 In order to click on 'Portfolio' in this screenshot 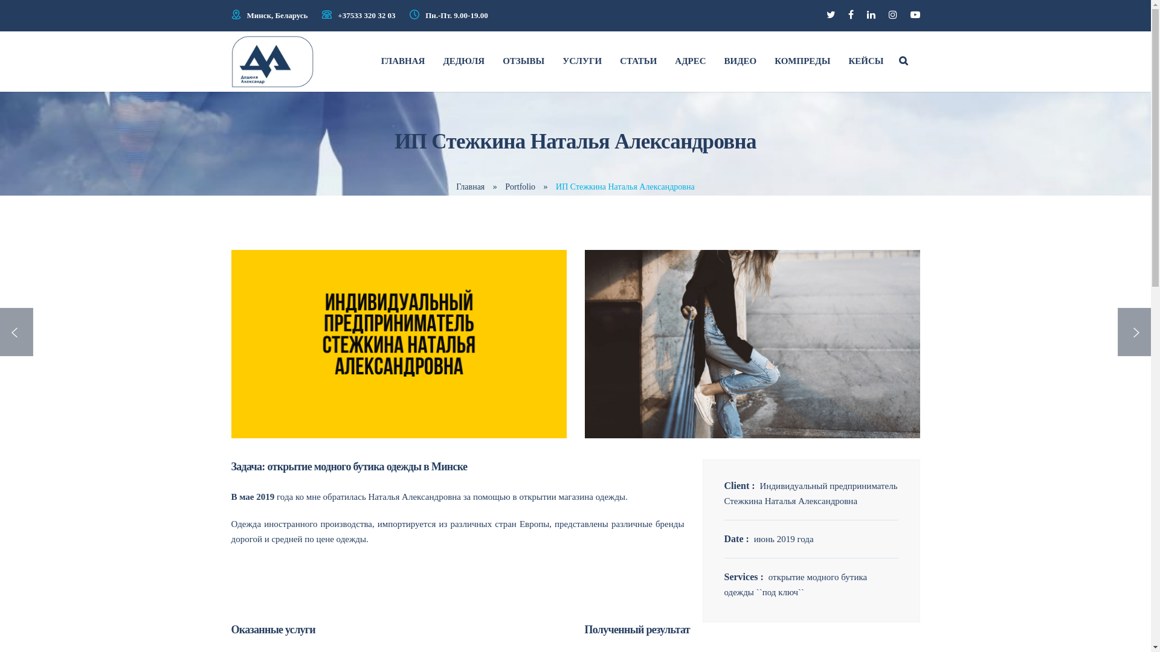, I will do `click(520, 187)`.